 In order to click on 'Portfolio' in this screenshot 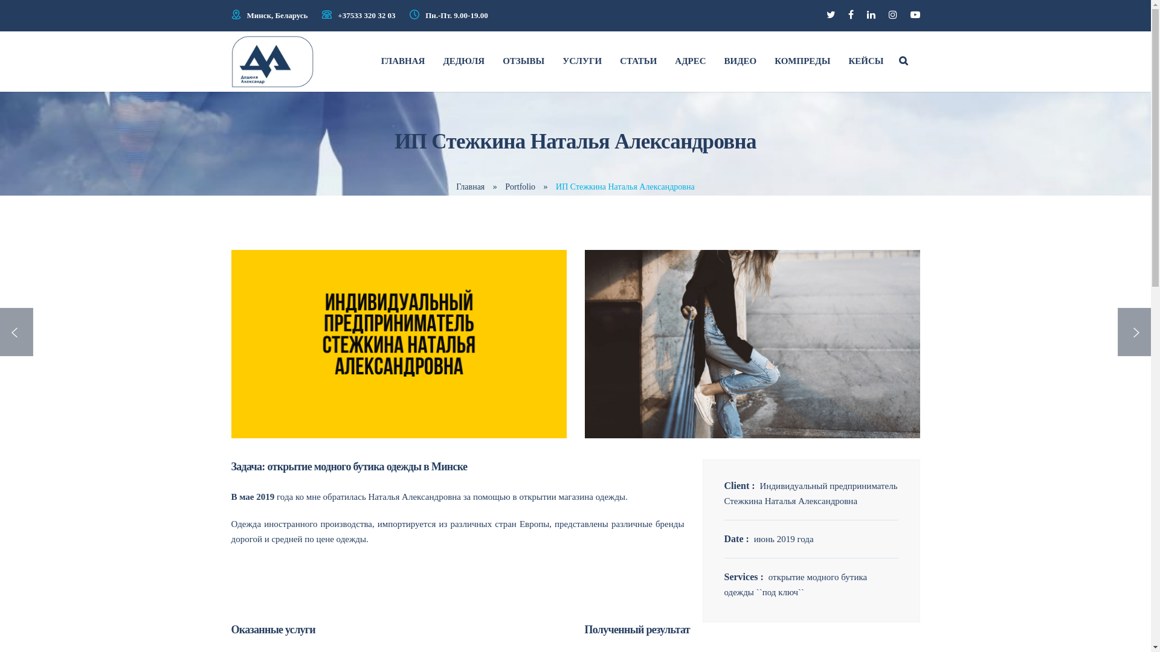, I will do `click(520, 187)`.